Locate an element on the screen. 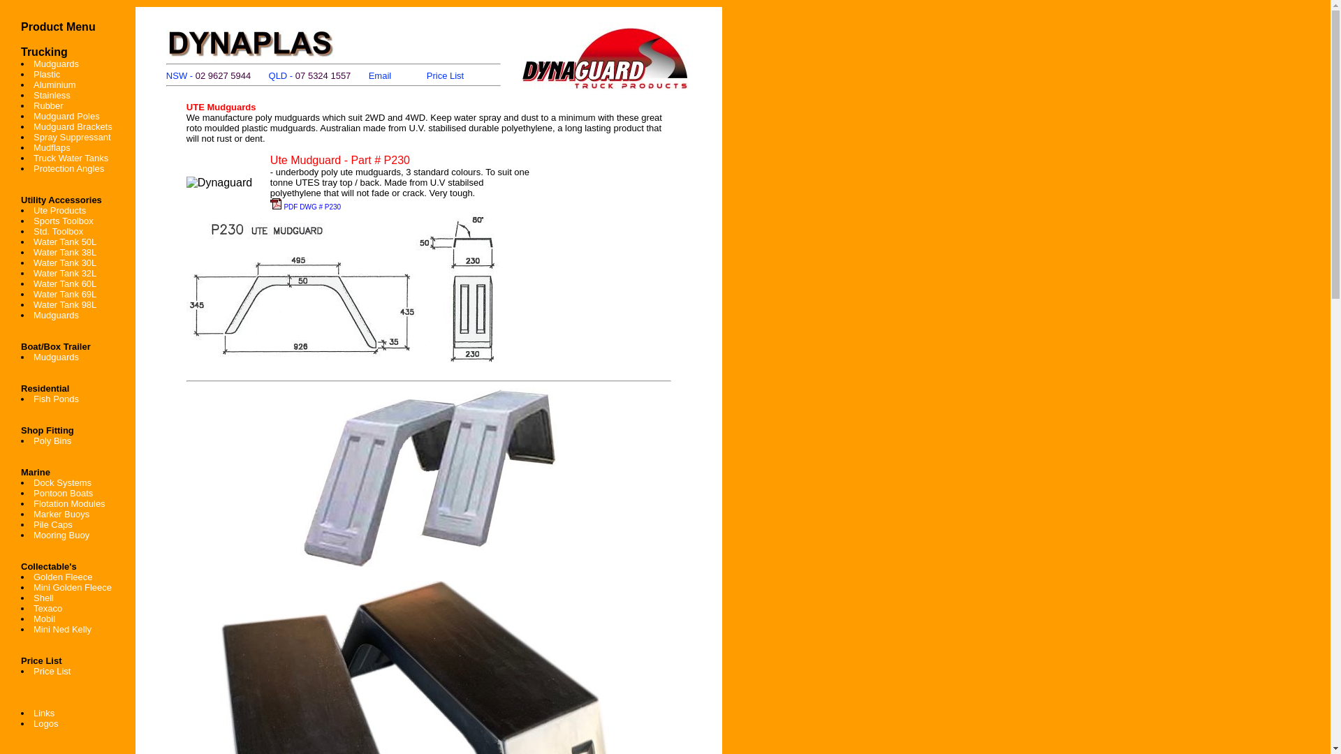 This screenshot has height=754, width=1341. 'Plastic' is located at coordinates (47, 74).